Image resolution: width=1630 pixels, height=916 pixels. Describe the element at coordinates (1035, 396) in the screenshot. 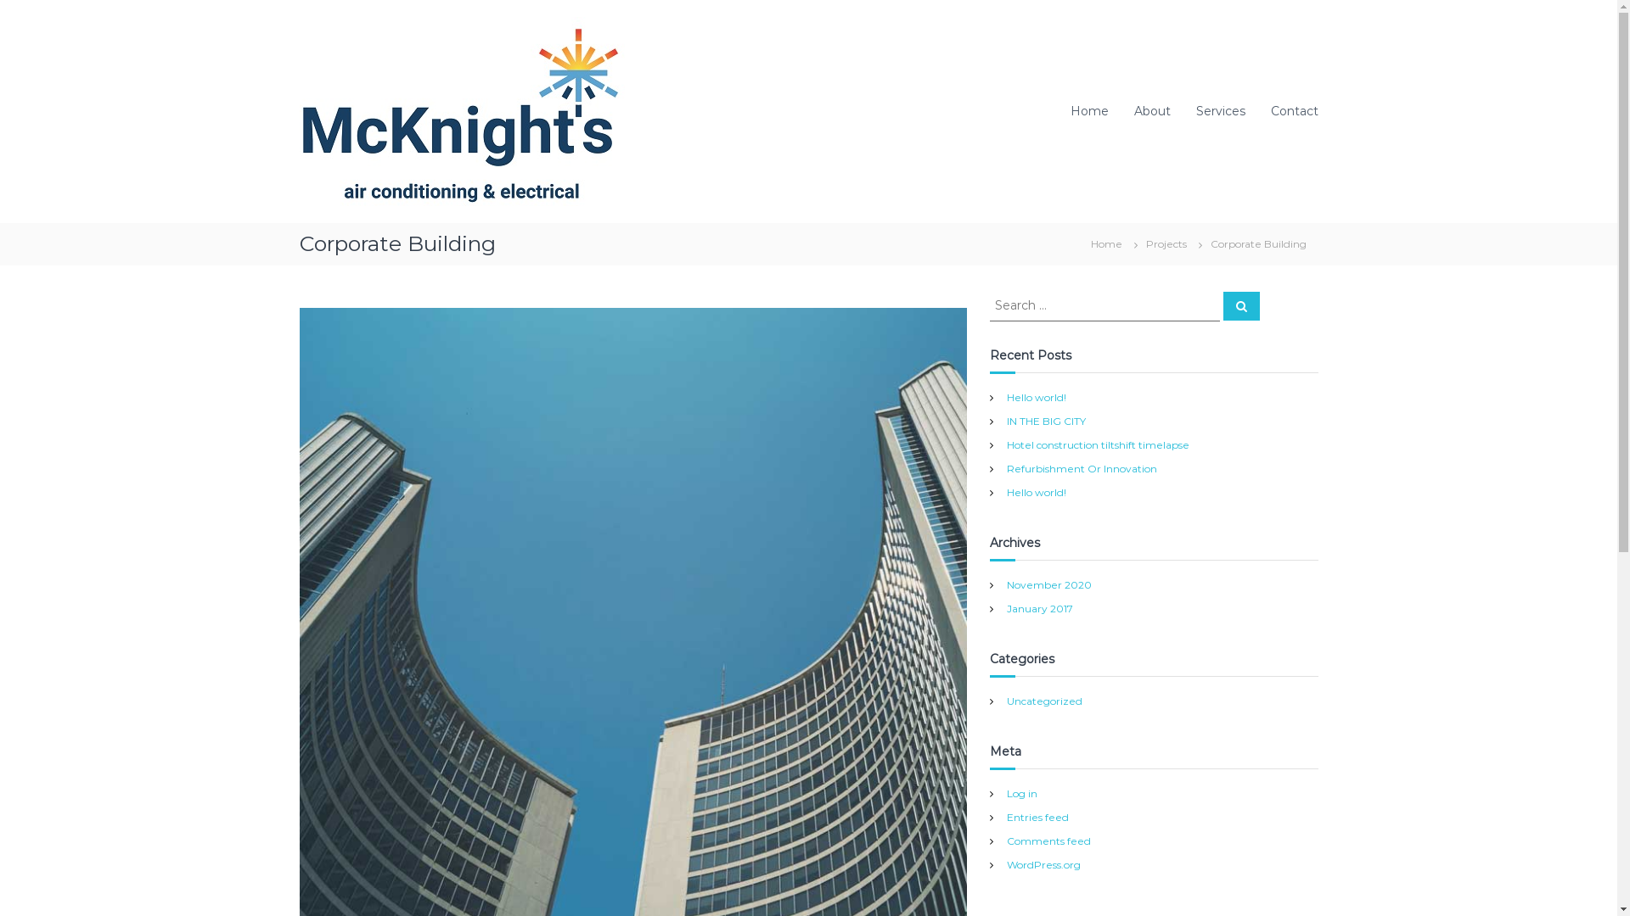

I see `'Hello world!'` at that location.